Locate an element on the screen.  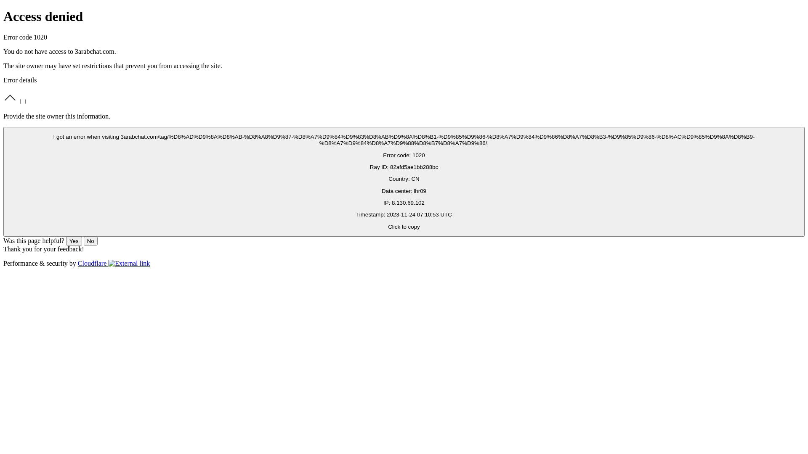
'Cloudflare' is located at coordinates (113, 263).